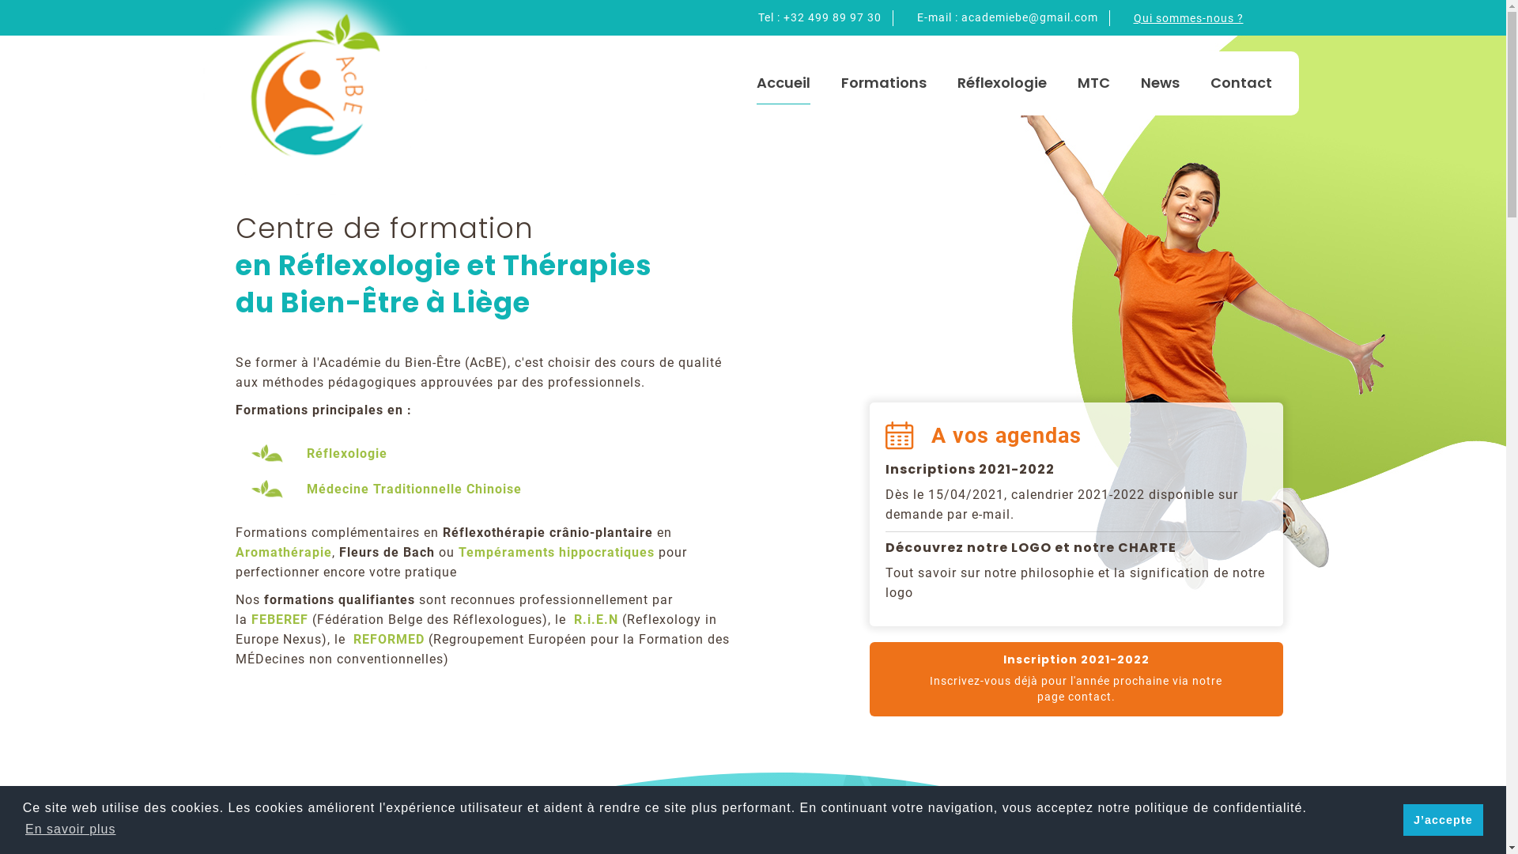 The image size is (1518, 854). I want to click on 'Inscriptions 2021-2022', so click(884, 468).